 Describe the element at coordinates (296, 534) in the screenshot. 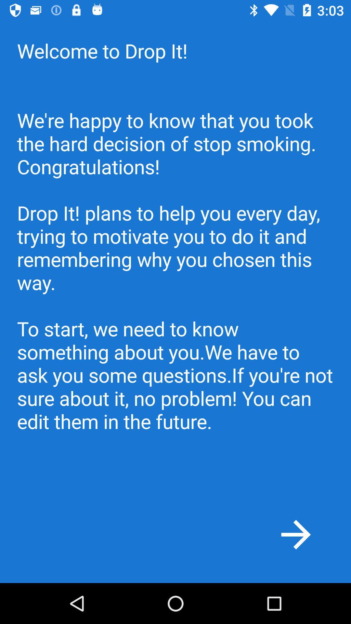

I see `item at the bottom right corner` at that location.